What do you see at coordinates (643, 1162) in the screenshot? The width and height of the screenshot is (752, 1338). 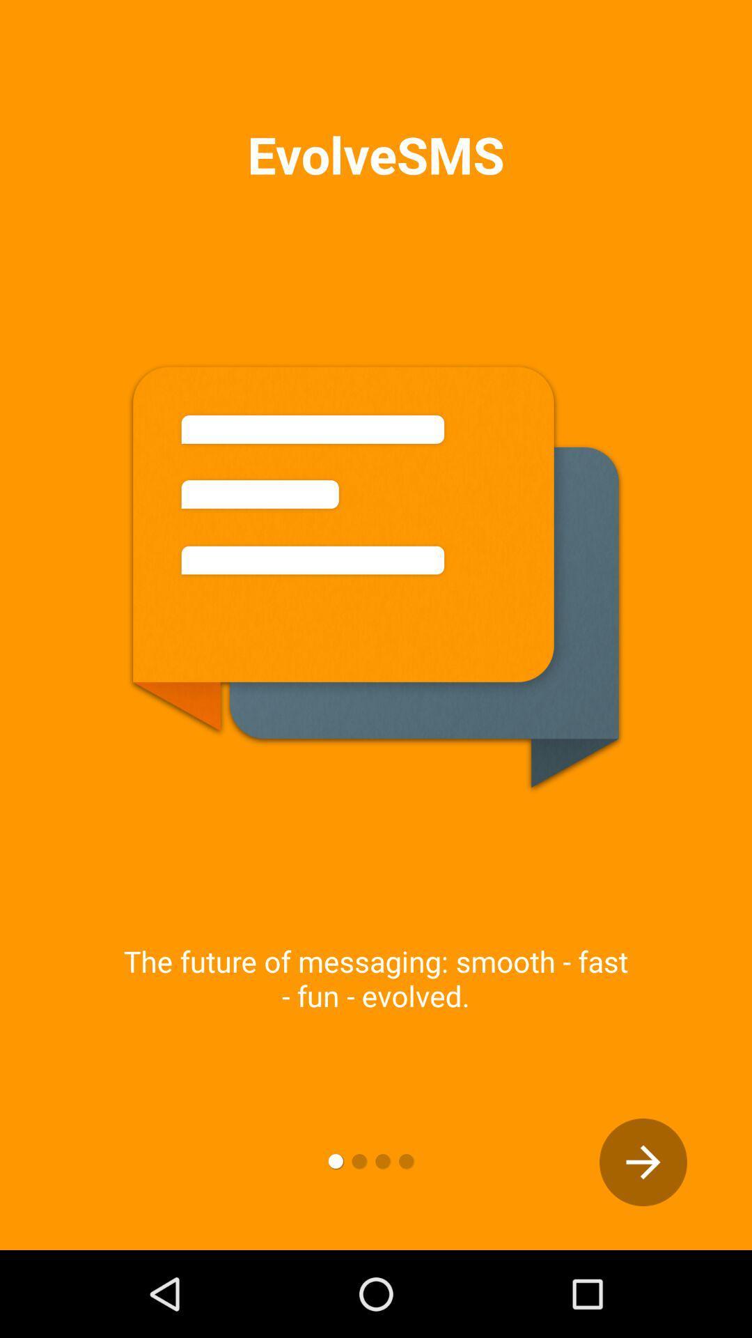 I see `the icon at the bottom right corner` at bounding box center [643, 1162].